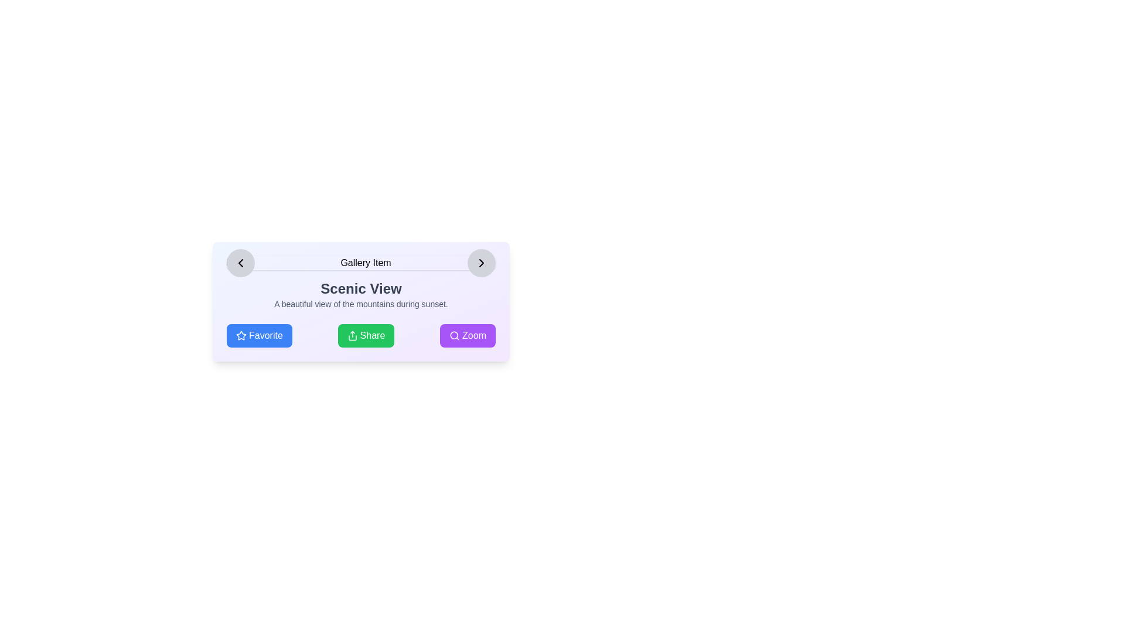 Image resolution: width=1125 pixels, height=633 pixels. What do you see at coordinates (360, 289) in the screenshot?
I see `text from the Text Label that serves as a title or heading for the content below it, positioned above the descriptive text about a beautiful view of the mountains during sunset` at bounding box center [360, 289].